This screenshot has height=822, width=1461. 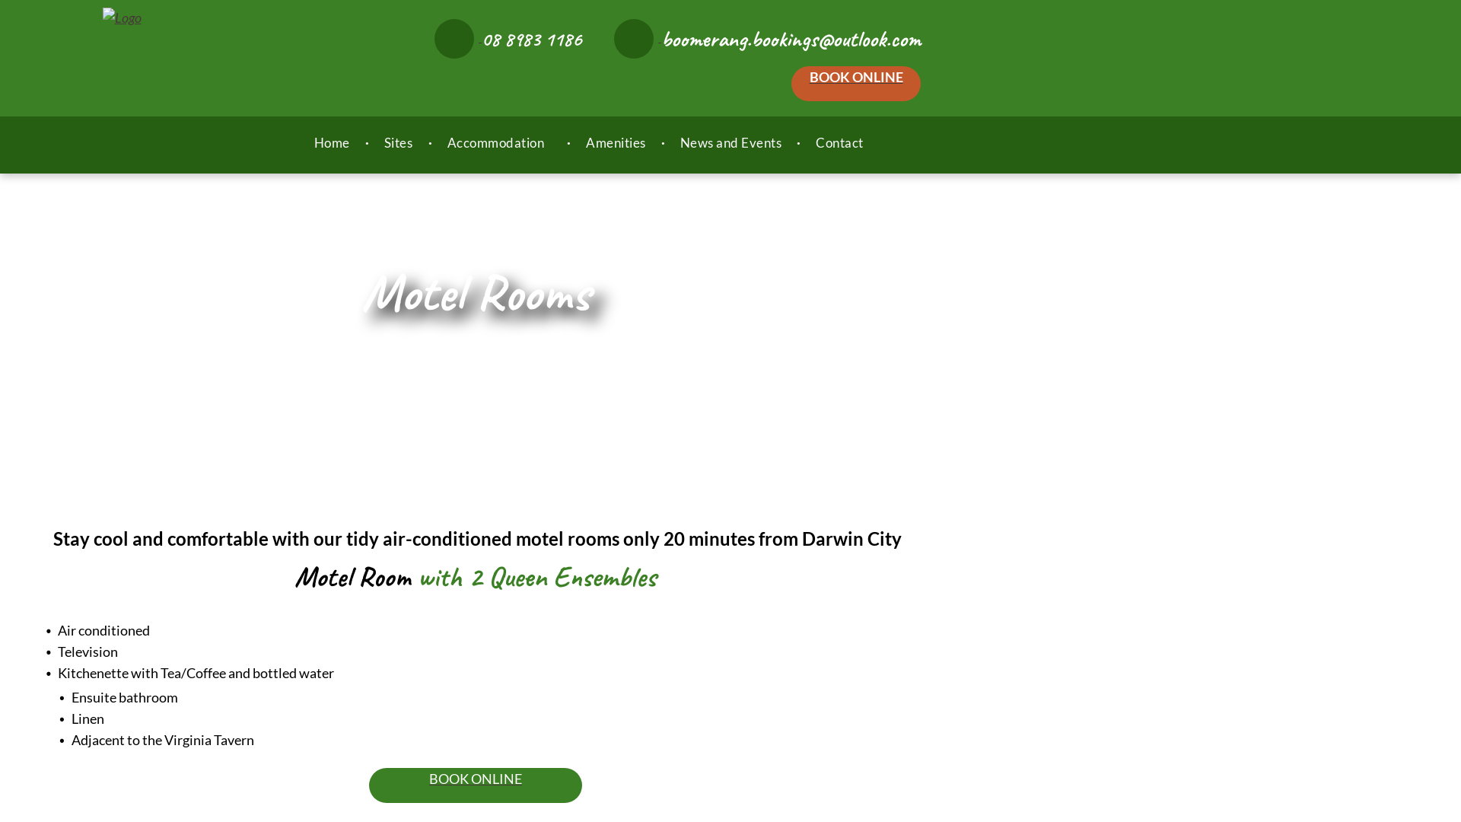 I want to click on 'Contact', so click(x=839, y=143).